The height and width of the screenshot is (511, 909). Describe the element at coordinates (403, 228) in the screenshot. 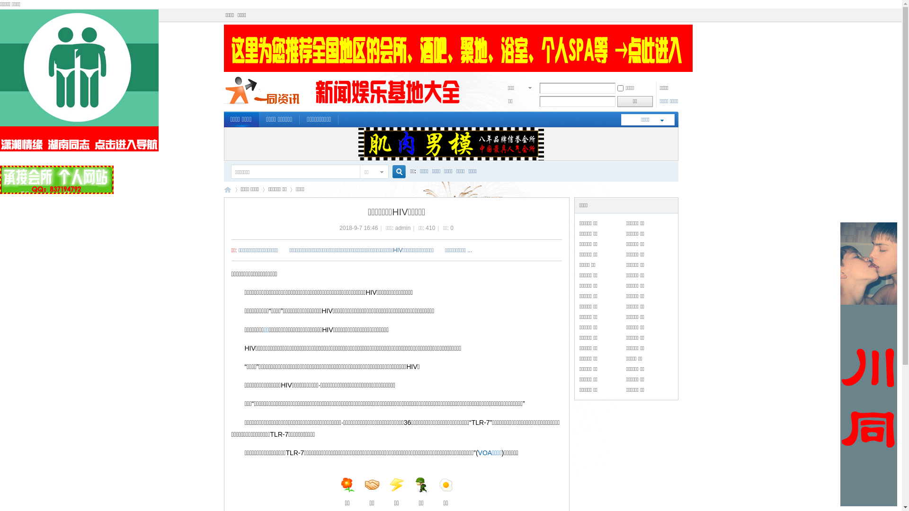

I see `'admin'` at that location.